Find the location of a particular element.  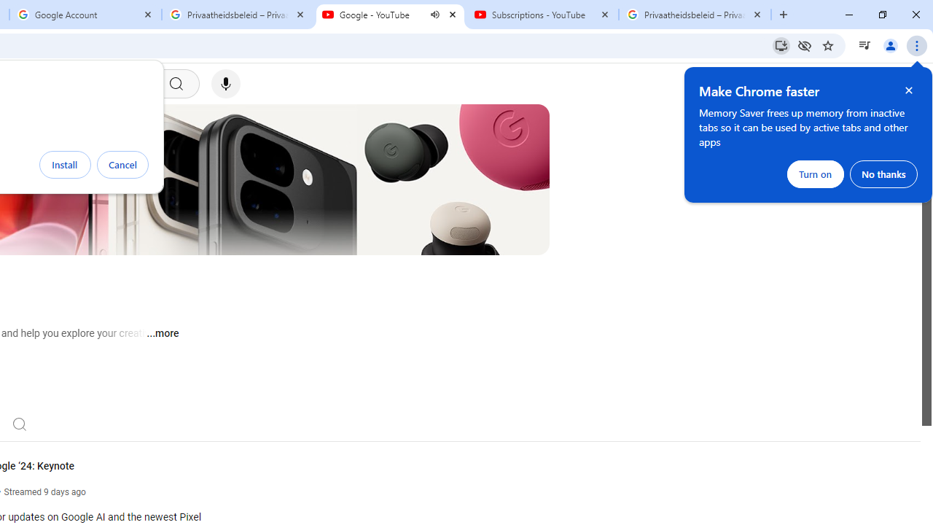

'No thanks' is located at coordinates (883, 174).